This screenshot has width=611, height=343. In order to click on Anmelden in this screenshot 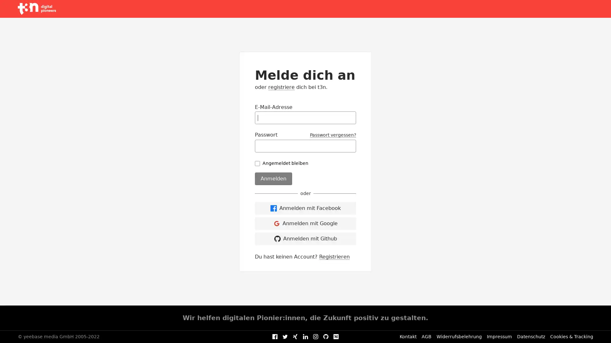, I will do `click(273, 178)`.